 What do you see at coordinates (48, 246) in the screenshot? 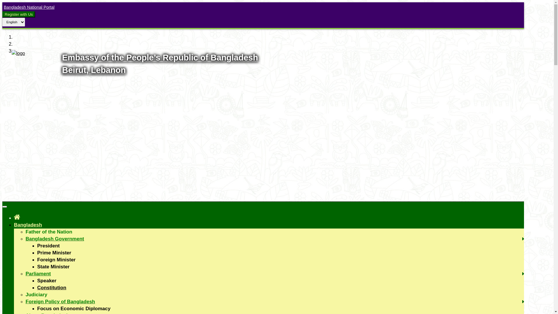
I see `'President'` at bounding box center [48, 246].